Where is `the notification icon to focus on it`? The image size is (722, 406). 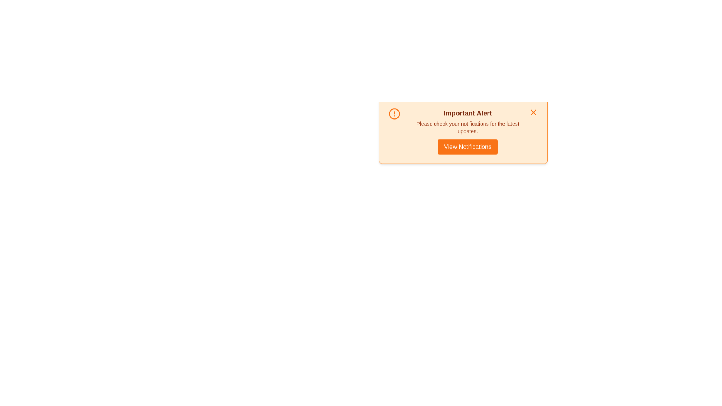 the notification icon to focus on it is located at coordinates (394, 119).